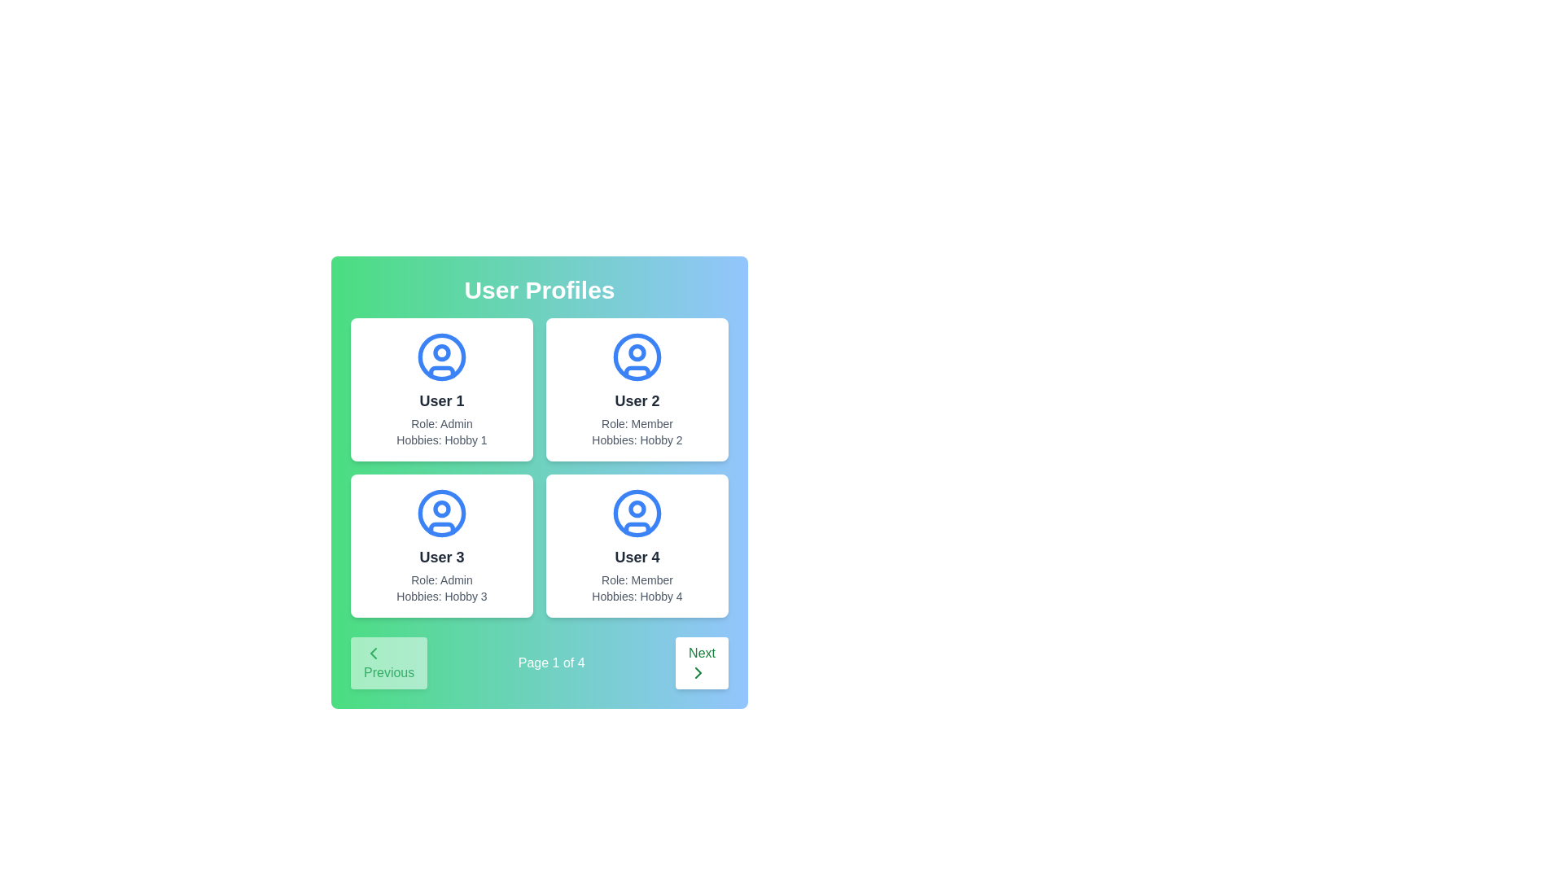 The width and height of the screenshot is (1563, 879). What do you see at coordinates (636, 422) in the screenshot?
I see `text label displaying 'Role: Member' located within the User 2 profile card, positioned below the 'User 2' heading and above the 'Hobbies: Hobby 2' text` at bounding box center [636, 422].